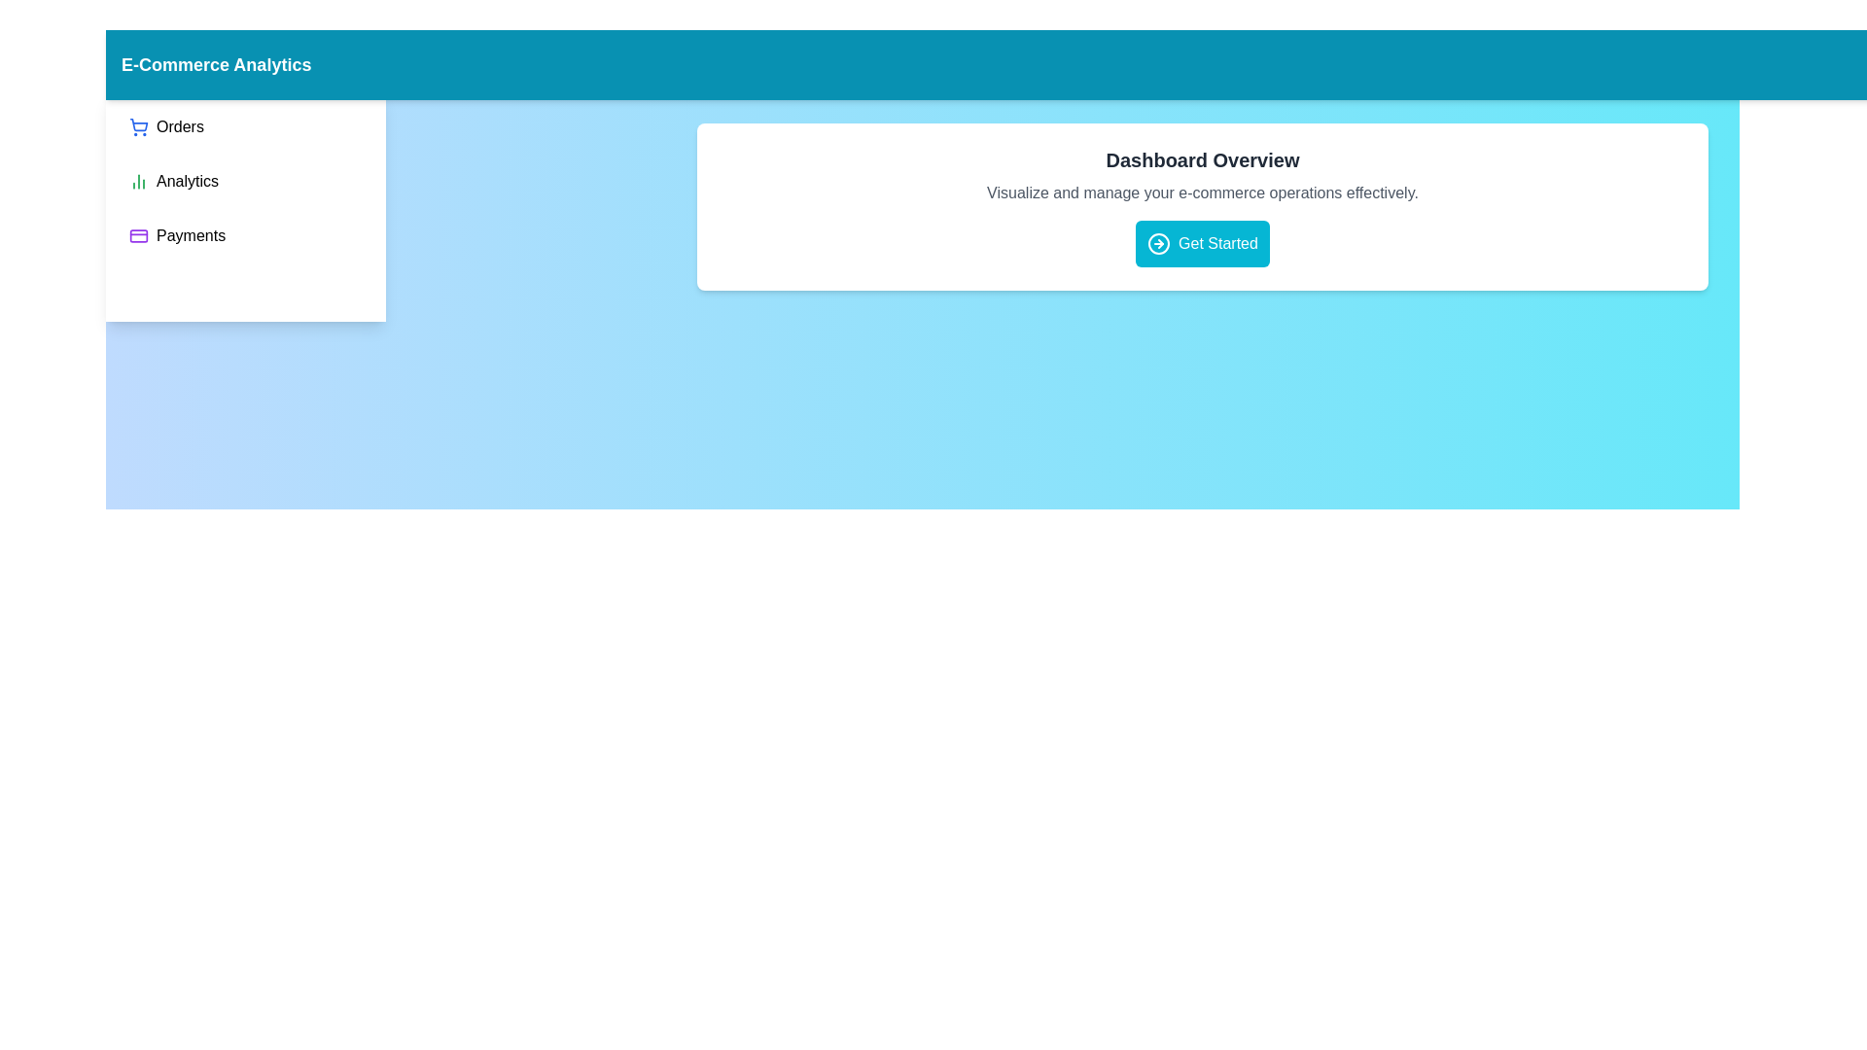 The image size is (1867, 1050). I want to click on the column chart SVG icon, which is positioned to the left of the 'Analytics' text in the sidebar options, so click(138, 181).